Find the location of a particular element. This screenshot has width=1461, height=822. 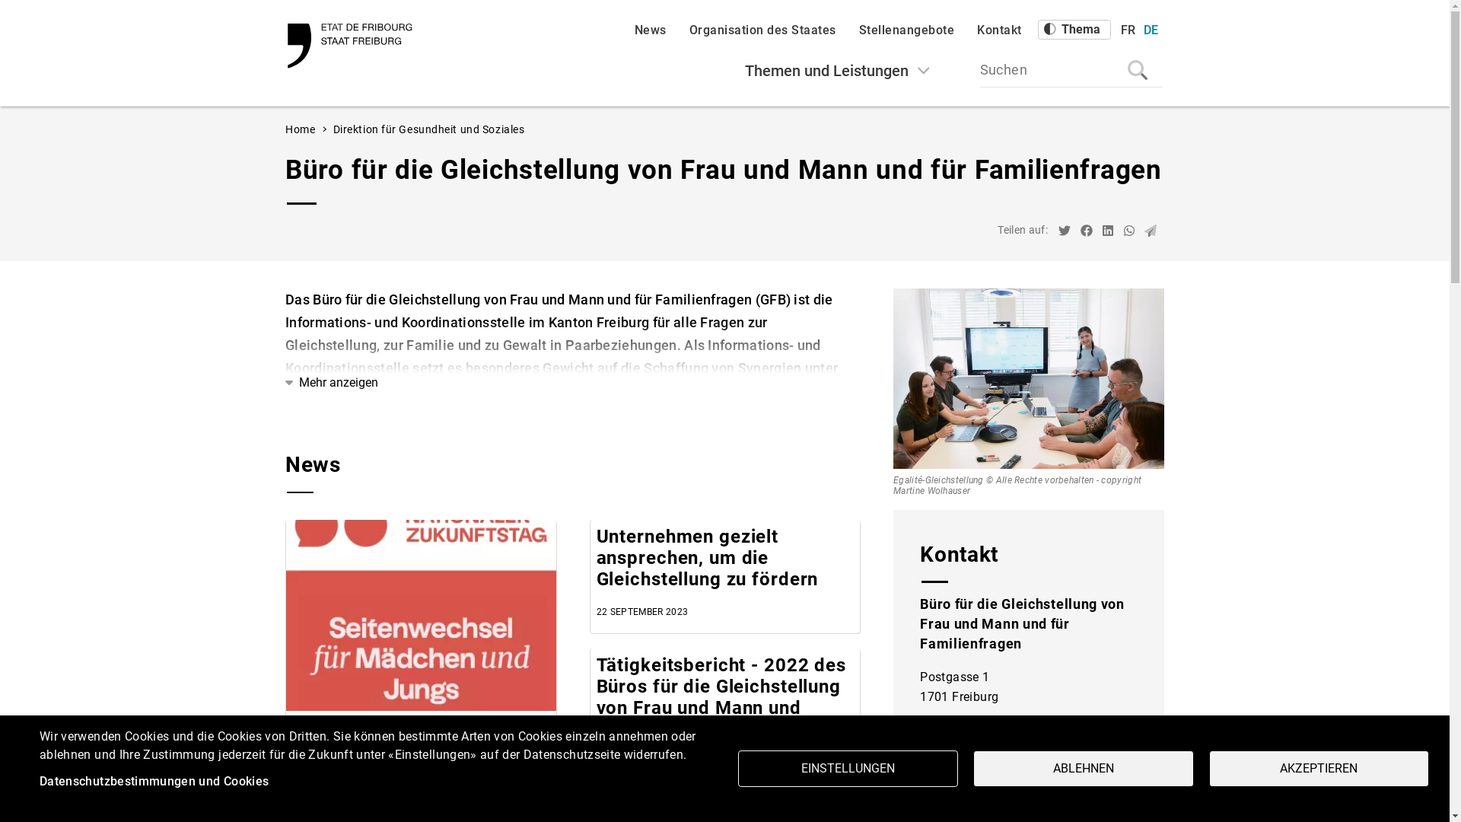

'Datenschutzbestimmungen und Cookies' is located at coordinates (154, 782).